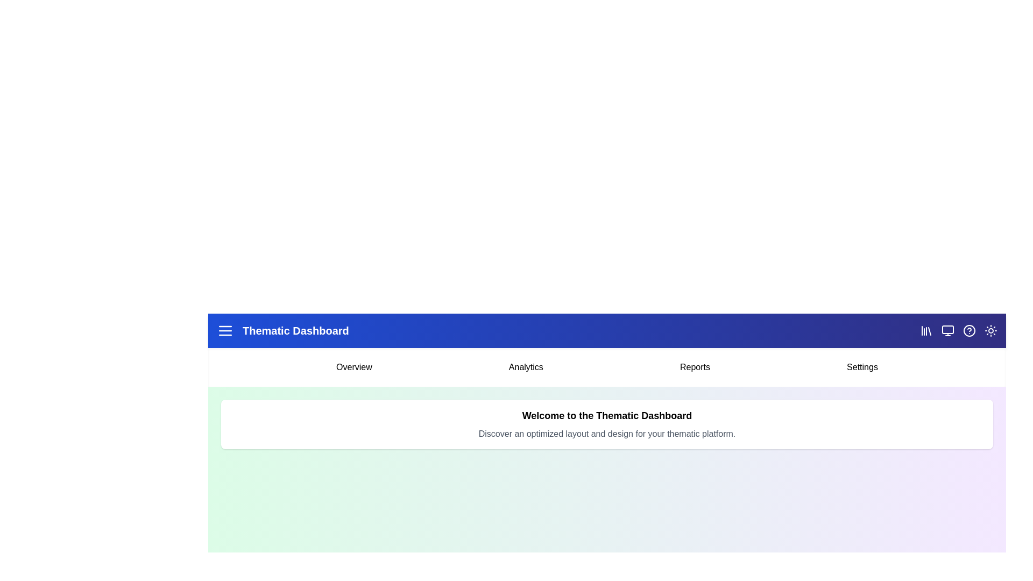 This screenshot has width=1033, height=581. What do you see at coordinates (353, 366) in the screenshot?
I see `the menu item Overview from the menu bar` at bounding box center [353, 366].